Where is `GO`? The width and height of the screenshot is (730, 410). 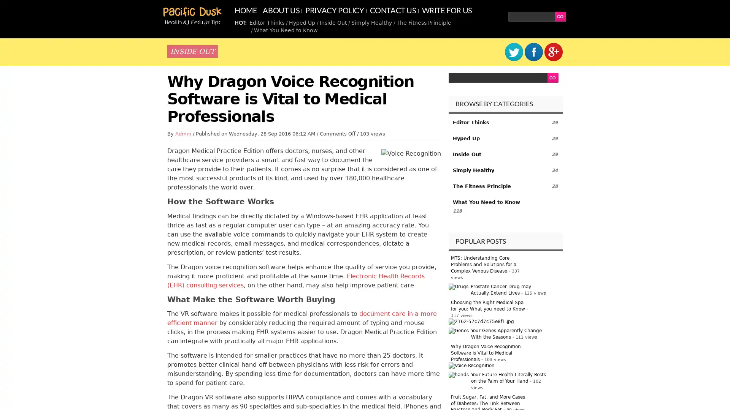 GO is located at coordinates (553, 77).